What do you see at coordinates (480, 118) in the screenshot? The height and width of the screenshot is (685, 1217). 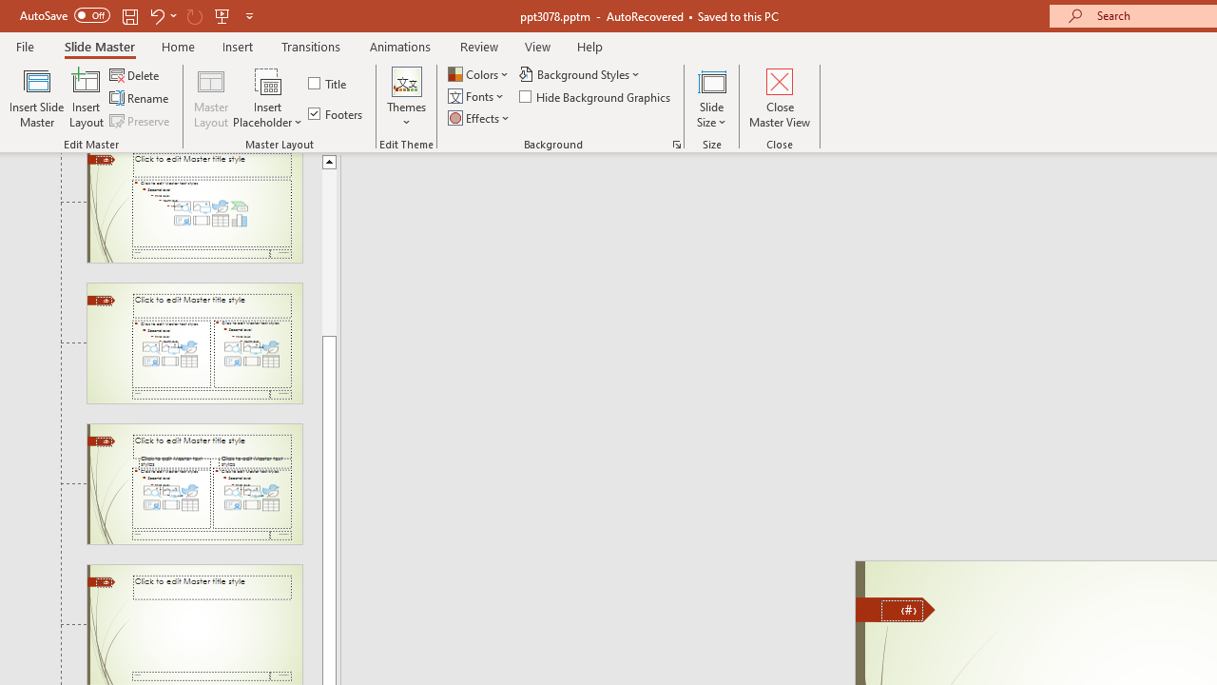 I see `'Effects'` at bounding box center [480, 118].